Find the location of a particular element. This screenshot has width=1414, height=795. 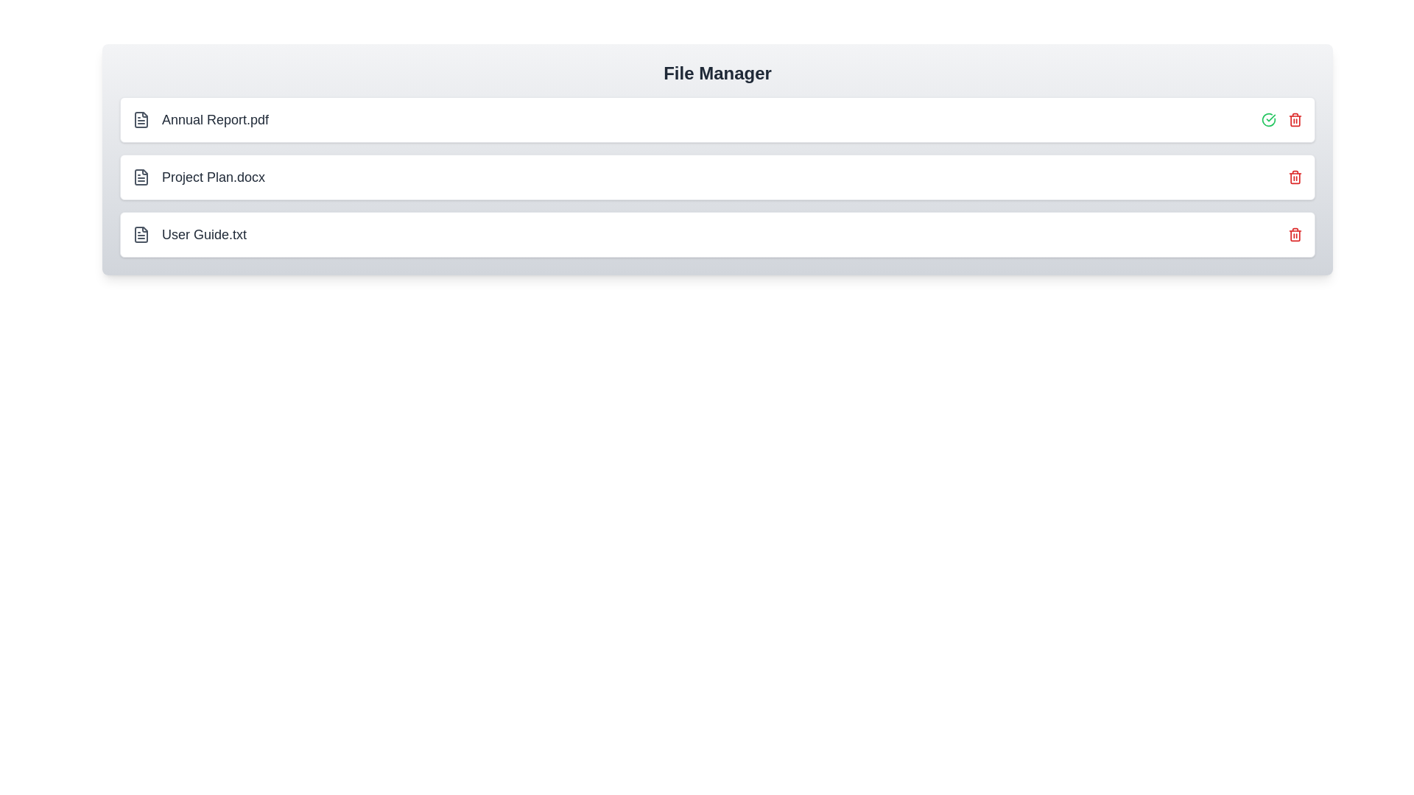

the static text label displaying the file name 'Project Plan.docx', which is the second item in a list of three file entries in the file management interface is located at coordinates (213, 176).